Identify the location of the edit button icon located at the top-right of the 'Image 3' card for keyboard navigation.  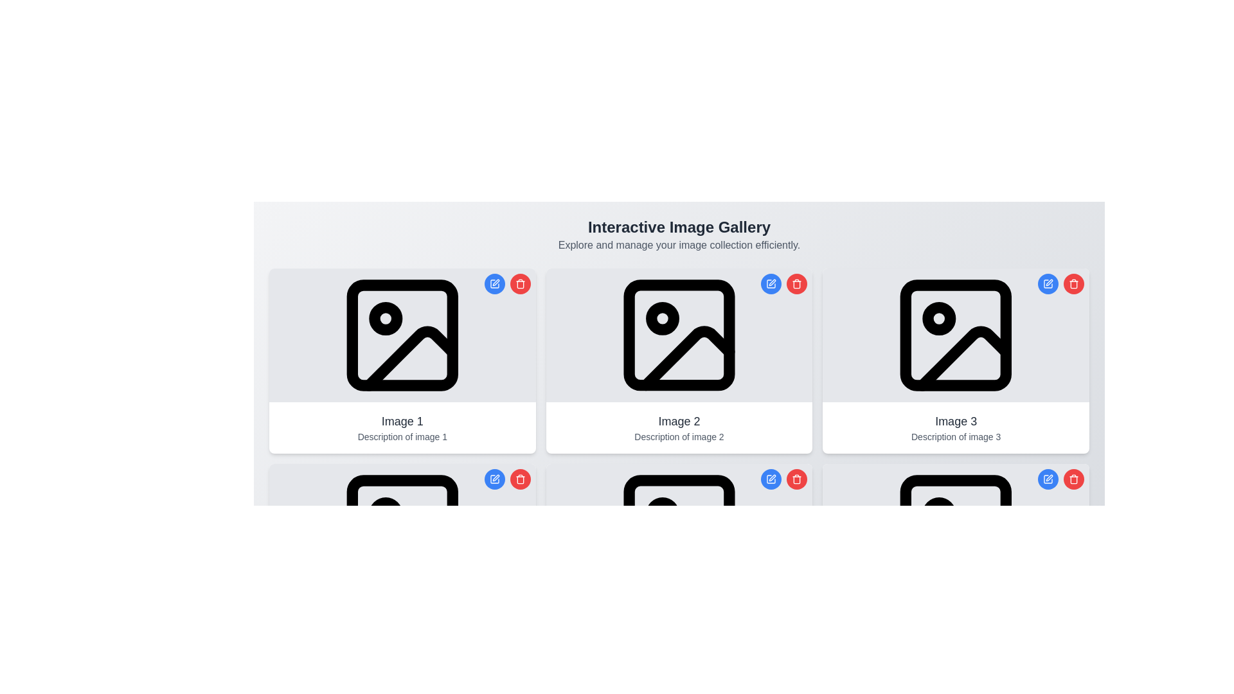
(1049, 478).